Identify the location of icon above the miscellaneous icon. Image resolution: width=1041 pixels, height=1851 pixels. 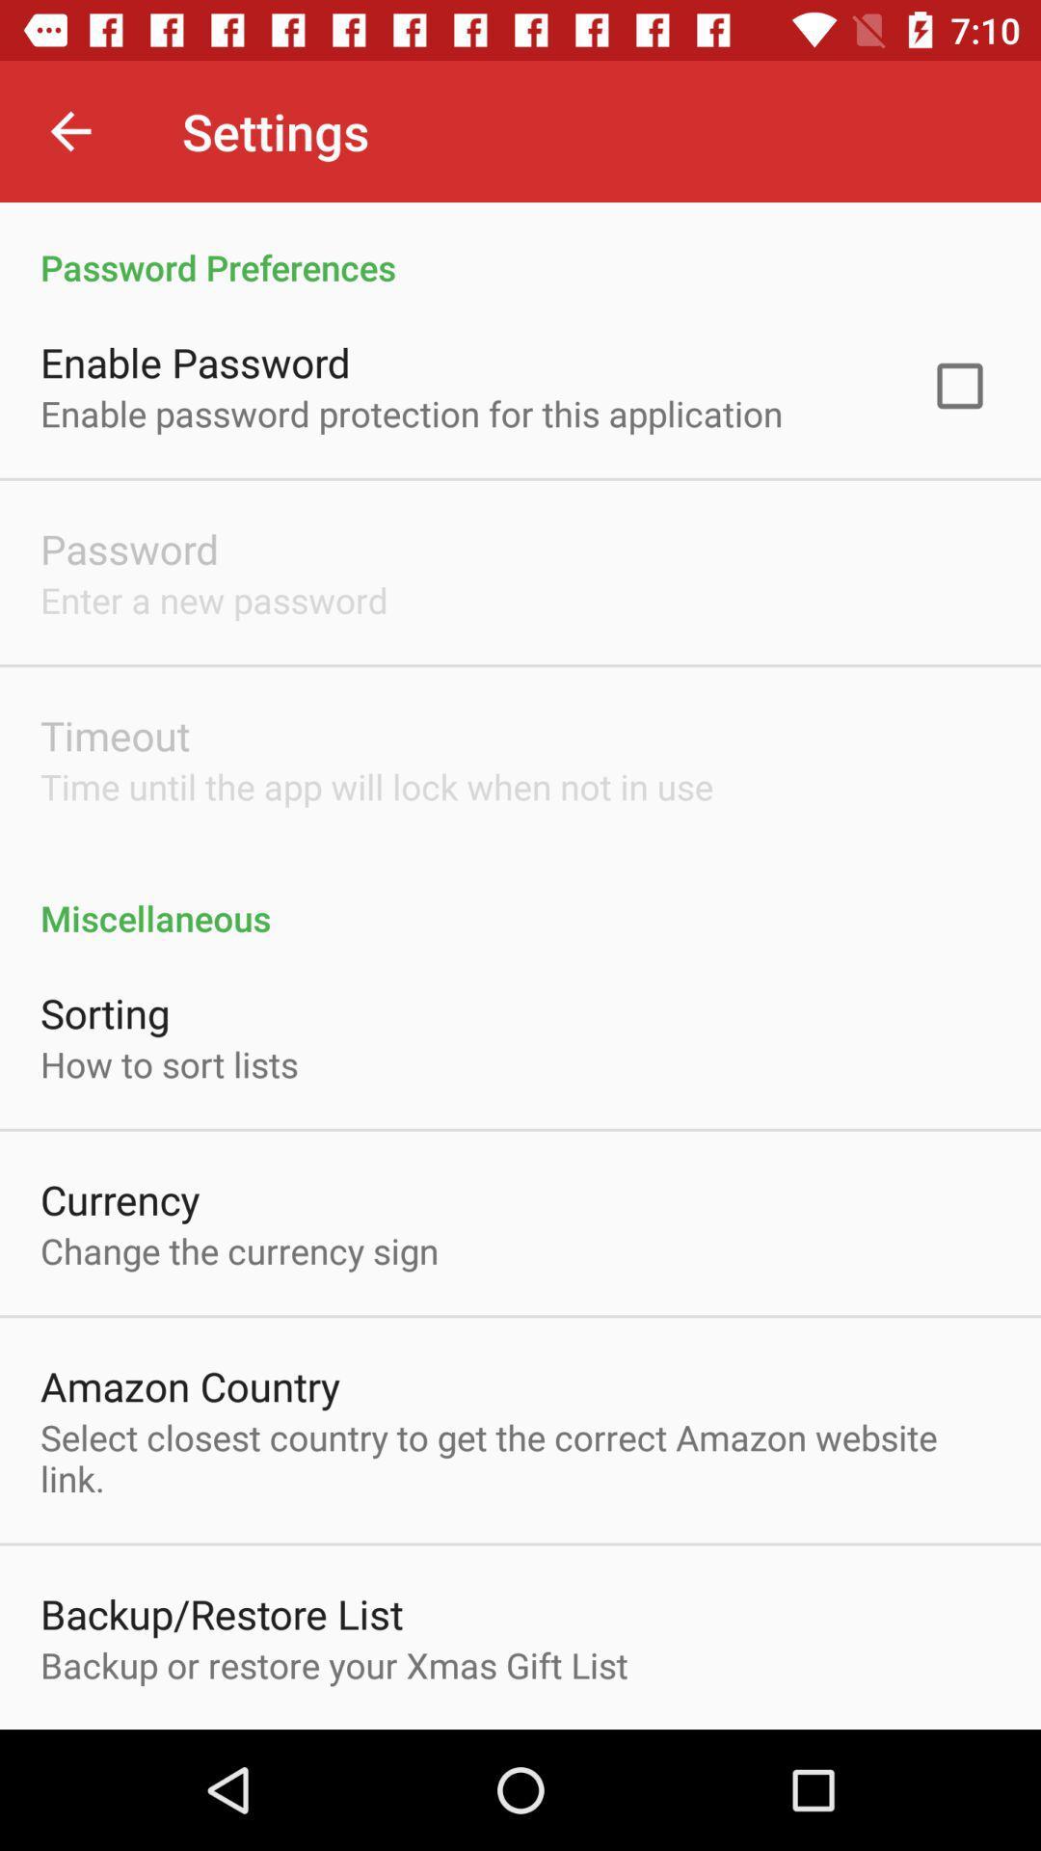
(377, 787).